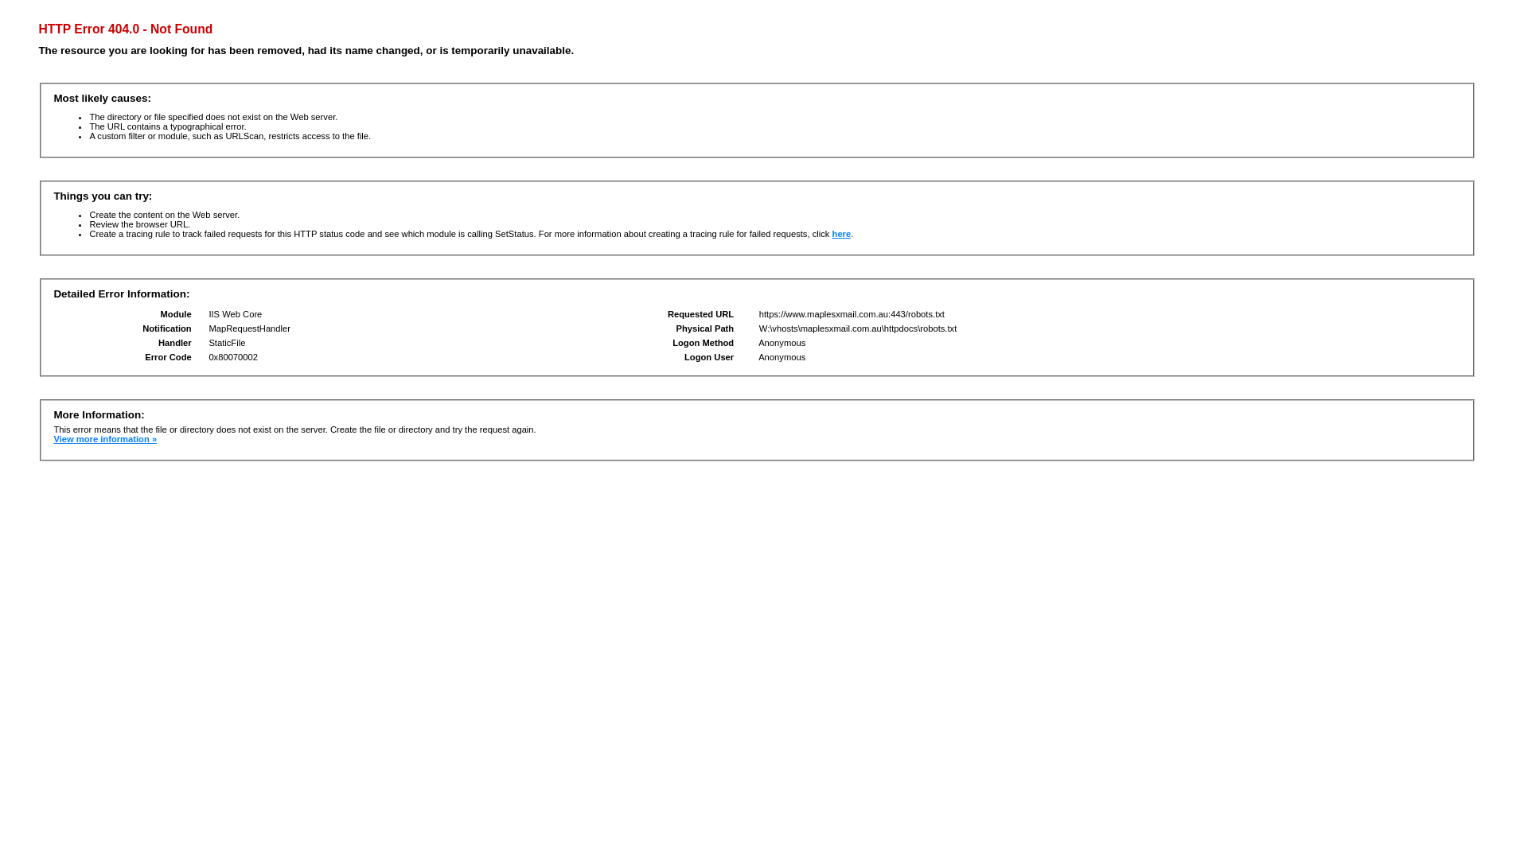 The width and height of the screenshot is (1528, 859). What do you see at coordinates (840, 233) in the screenshot?
I see `'here'` at bounding box center [840, 233].